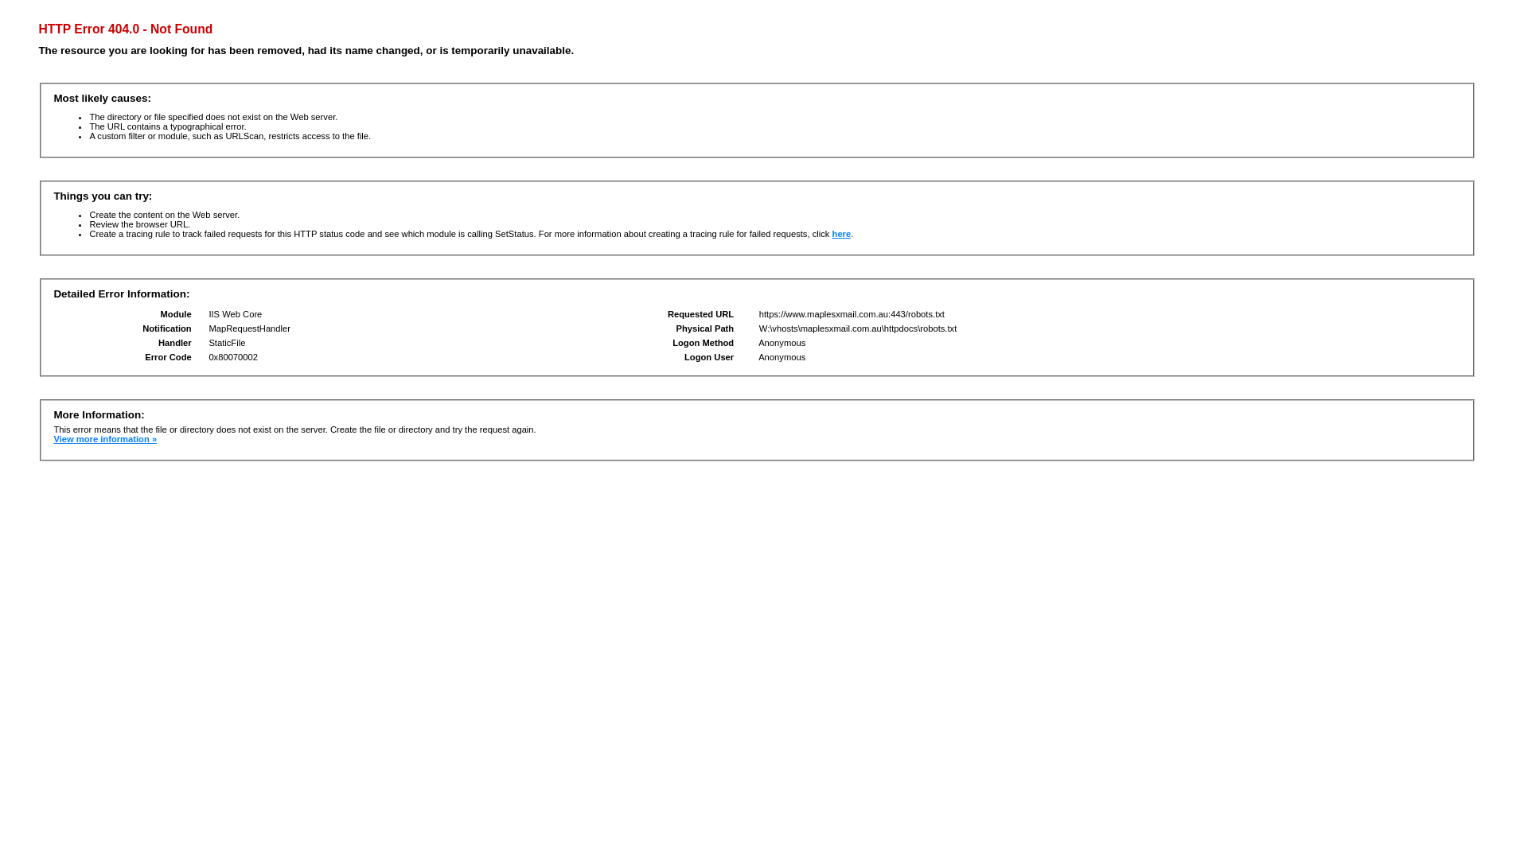 The width and height of the screenshot is (1528, 859). What do you see at coordinates (840, 233) in the screenshot?
I see `'here'` at bounding box center [840, 233].